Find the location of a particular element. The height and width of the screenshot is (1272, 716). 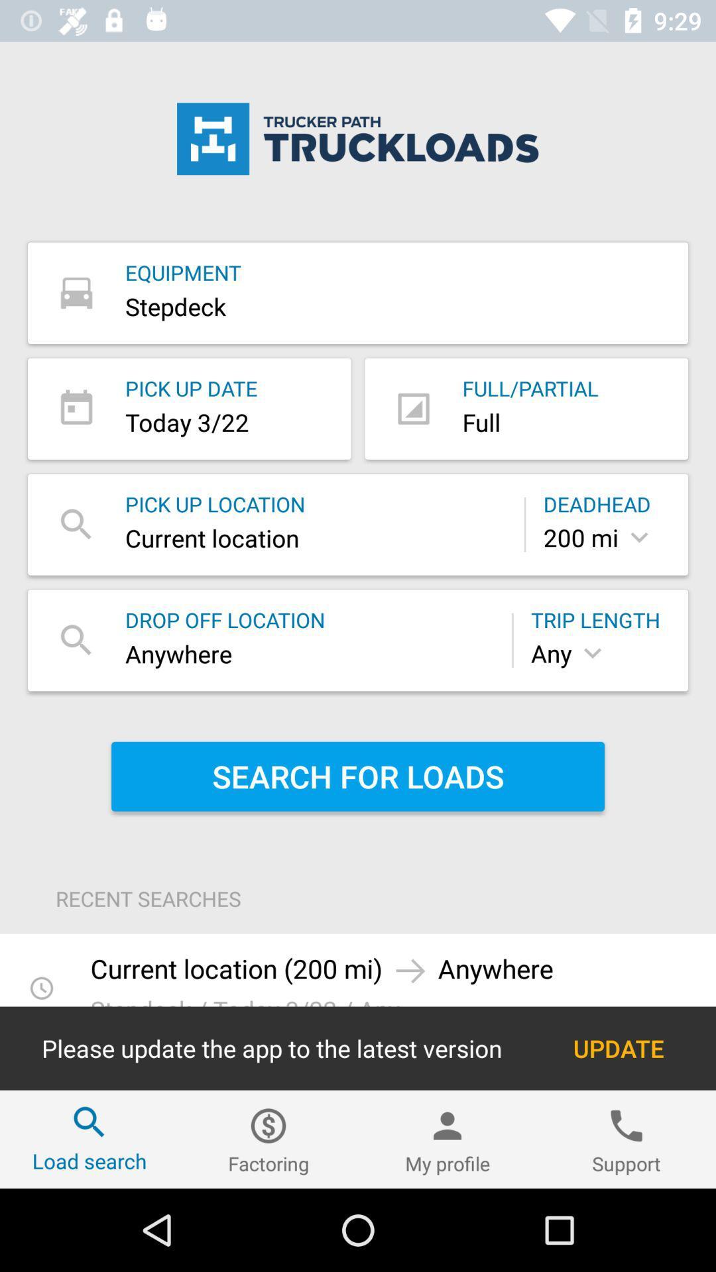

item to the right of the my profile item is located at coordinates (626, 1139).